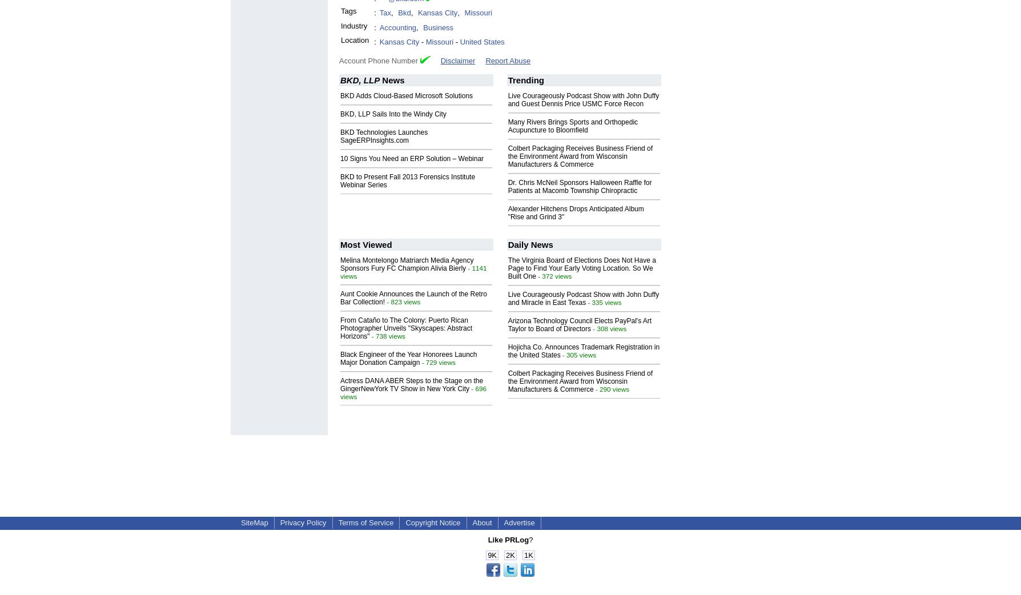  Describe the element at coordinates (397, 26) in the screenshot. I see `'Accounting'` at that location.